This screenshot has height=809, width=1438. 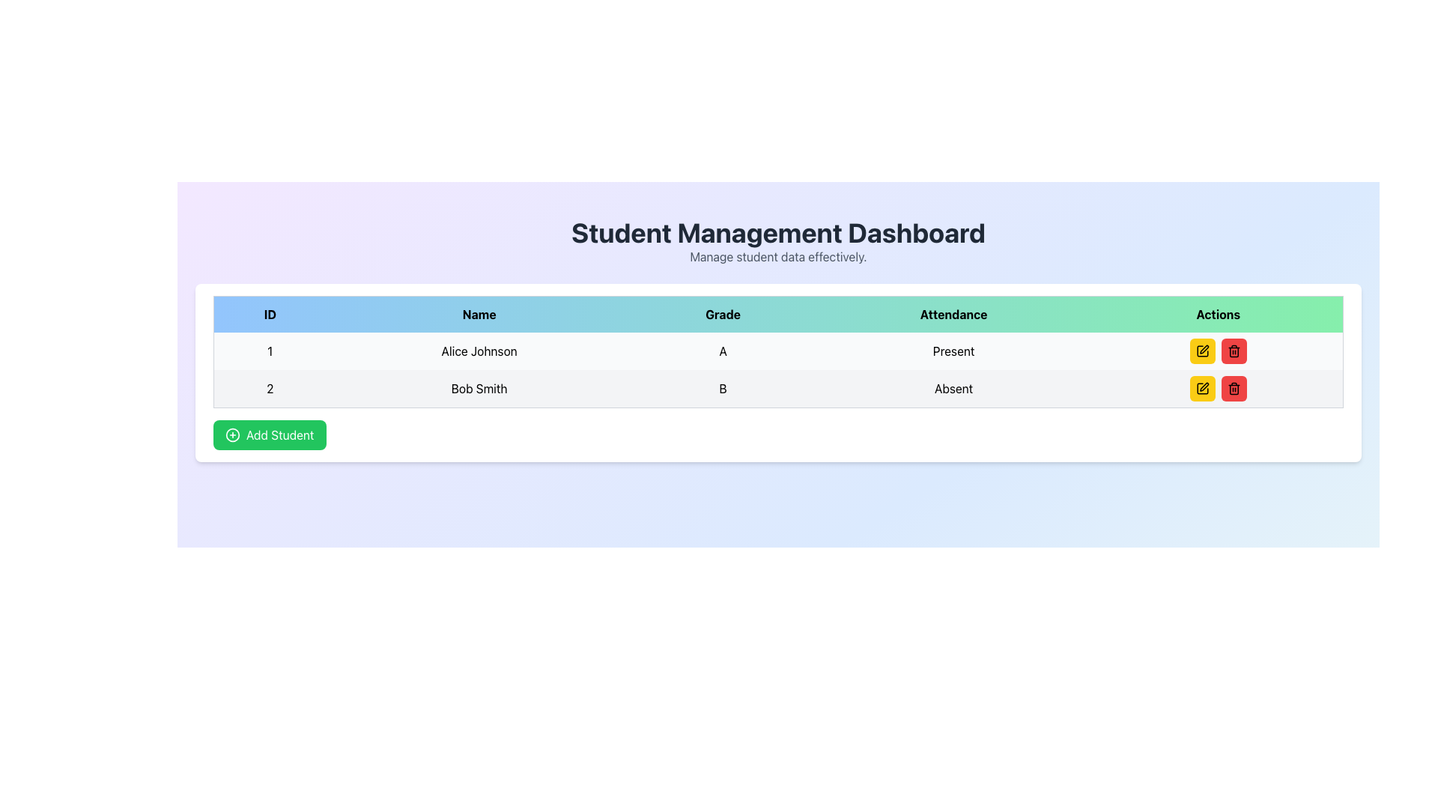 I want to click on the 'Edit' Icon Button located in the second row of the 'Actions' column, so click(x=1202, y=351).